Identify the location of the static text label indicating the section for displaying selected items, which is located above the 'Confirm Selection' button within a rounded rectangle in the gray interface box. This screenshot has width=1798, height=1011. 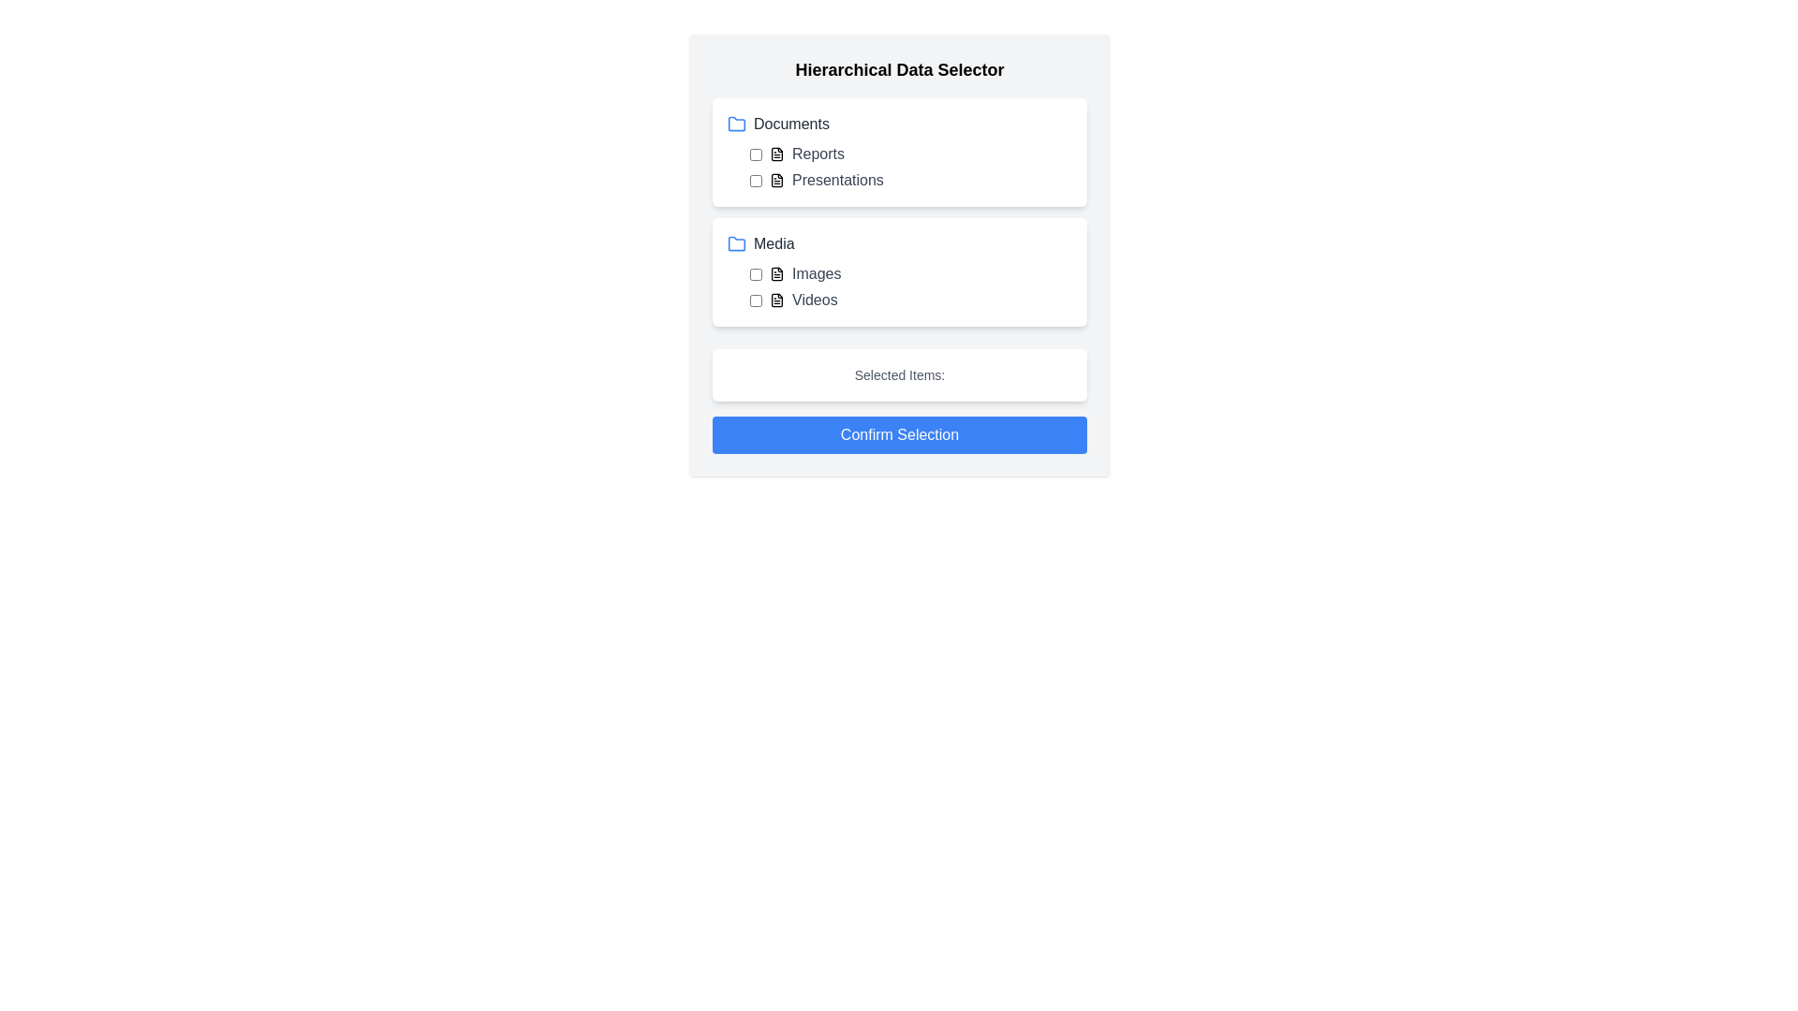
(899, 375).